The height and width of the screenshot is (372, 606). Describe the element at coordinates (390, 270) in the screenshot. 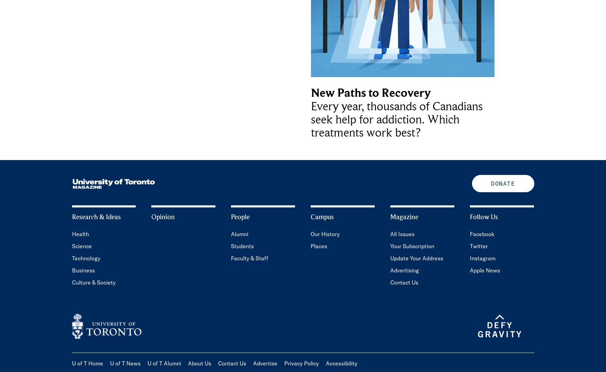

I see `'Advertising'` at that location.